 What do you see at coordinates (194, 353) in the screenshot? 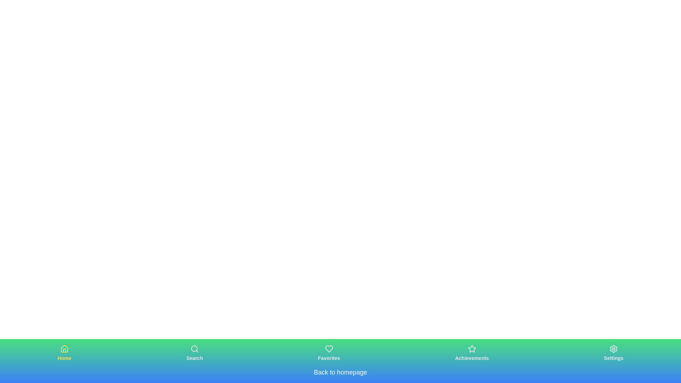
I see `the tab labeled Search` at bounding box center [194, 353].